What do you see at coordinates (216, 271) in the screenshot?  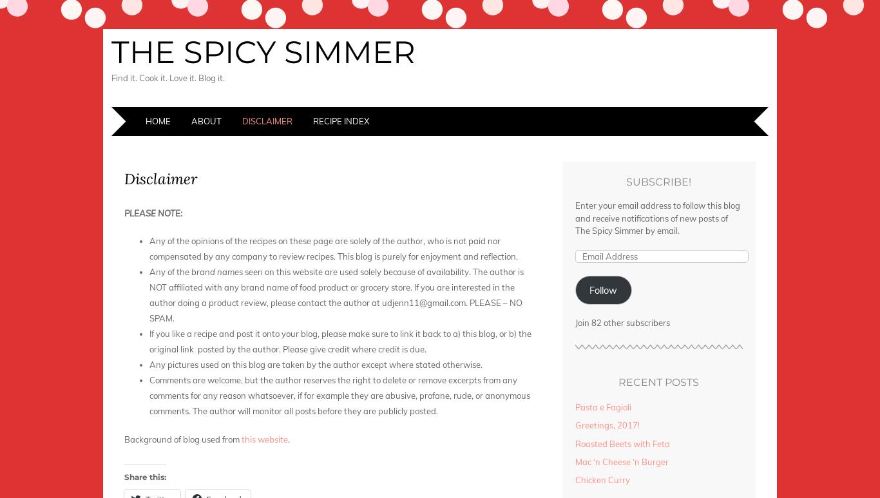 I see `'brand names'` at bounding box center [216, 271].